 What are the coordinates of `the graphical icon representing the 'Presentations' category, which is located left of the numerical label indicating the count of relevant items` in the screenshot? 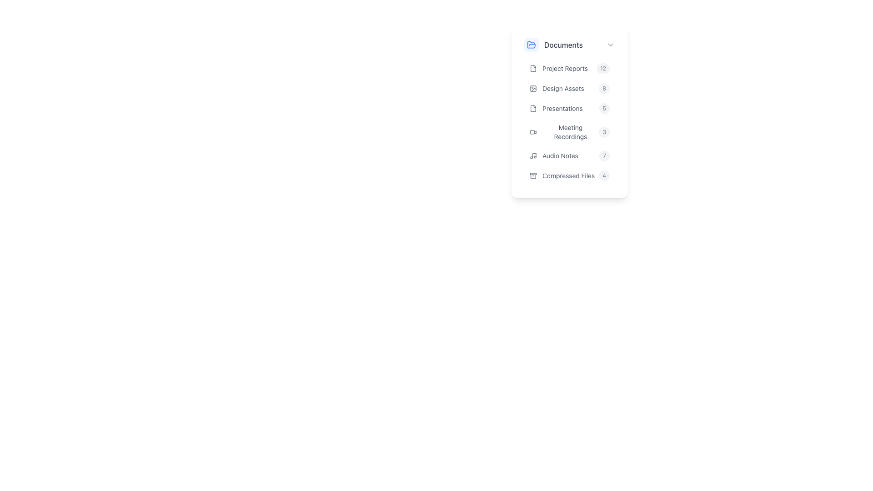 It's located at (533, 108).